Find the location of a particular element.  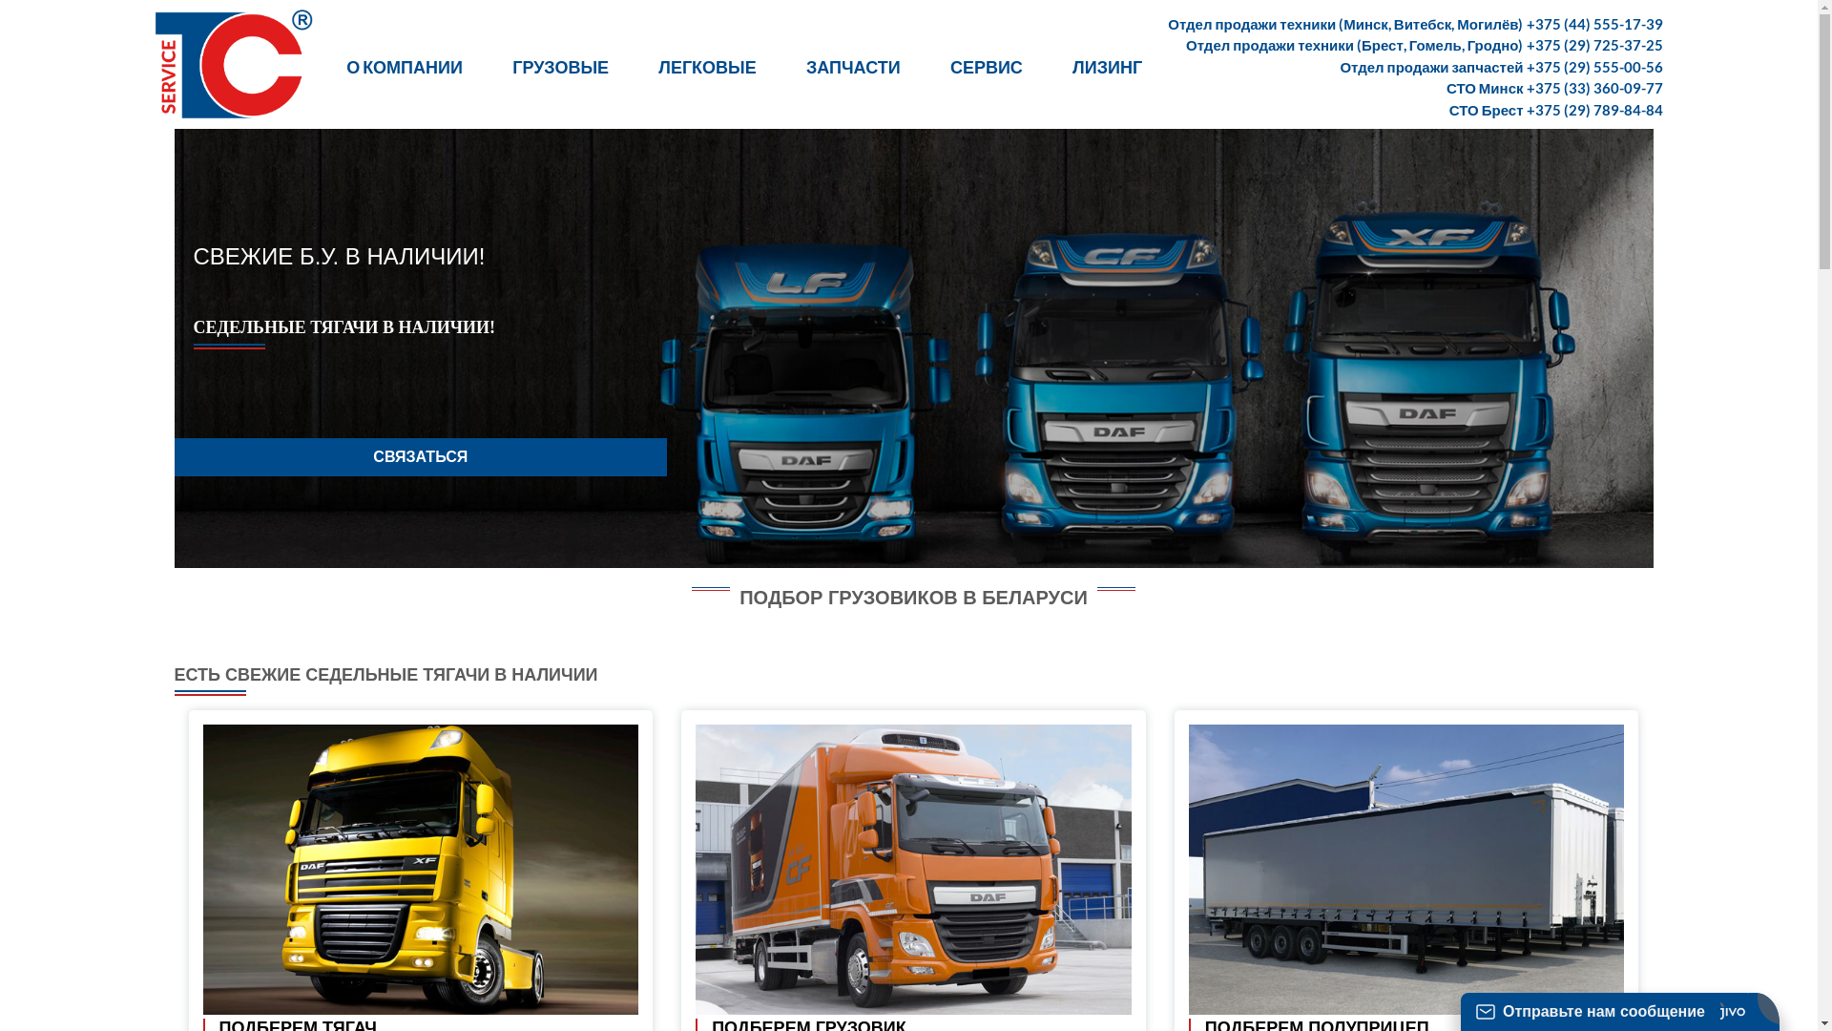

'+375 (33) 360-09-77' is located at coordinates (1594, 88).